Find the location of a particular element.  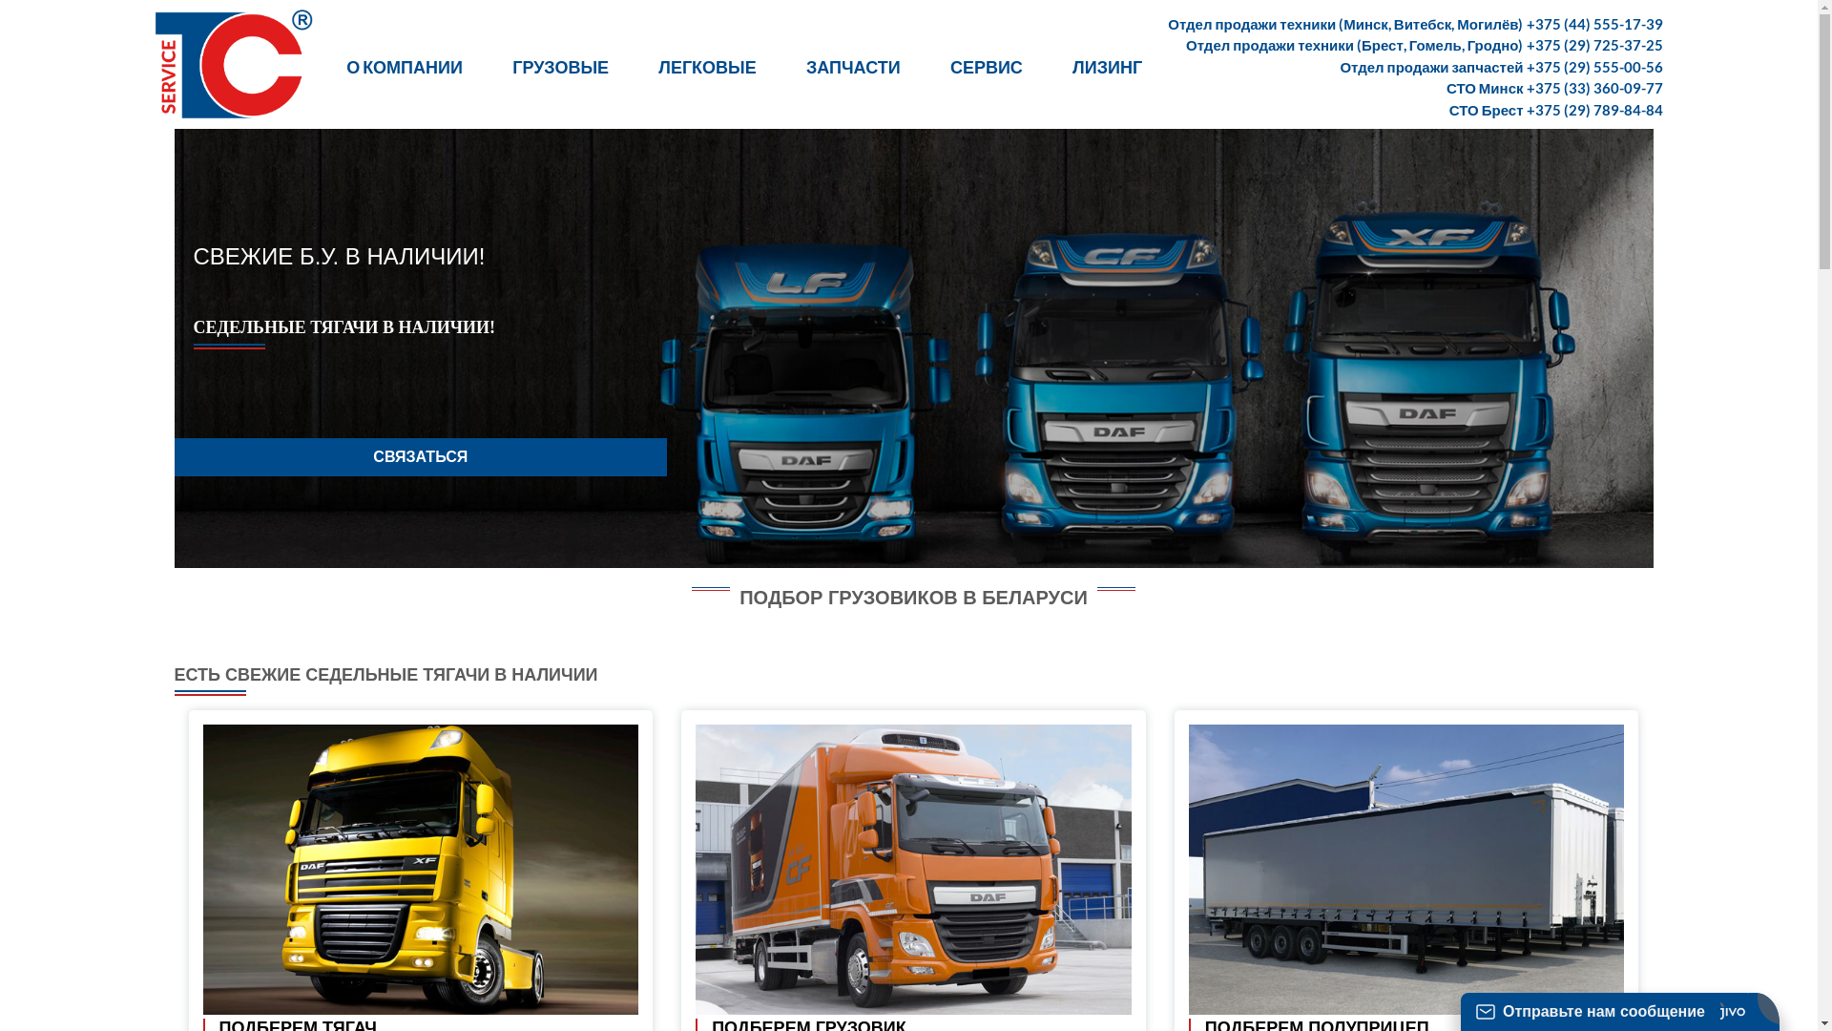

'+375 (33) 360-09-77' is located at coordinates (1594, 88).